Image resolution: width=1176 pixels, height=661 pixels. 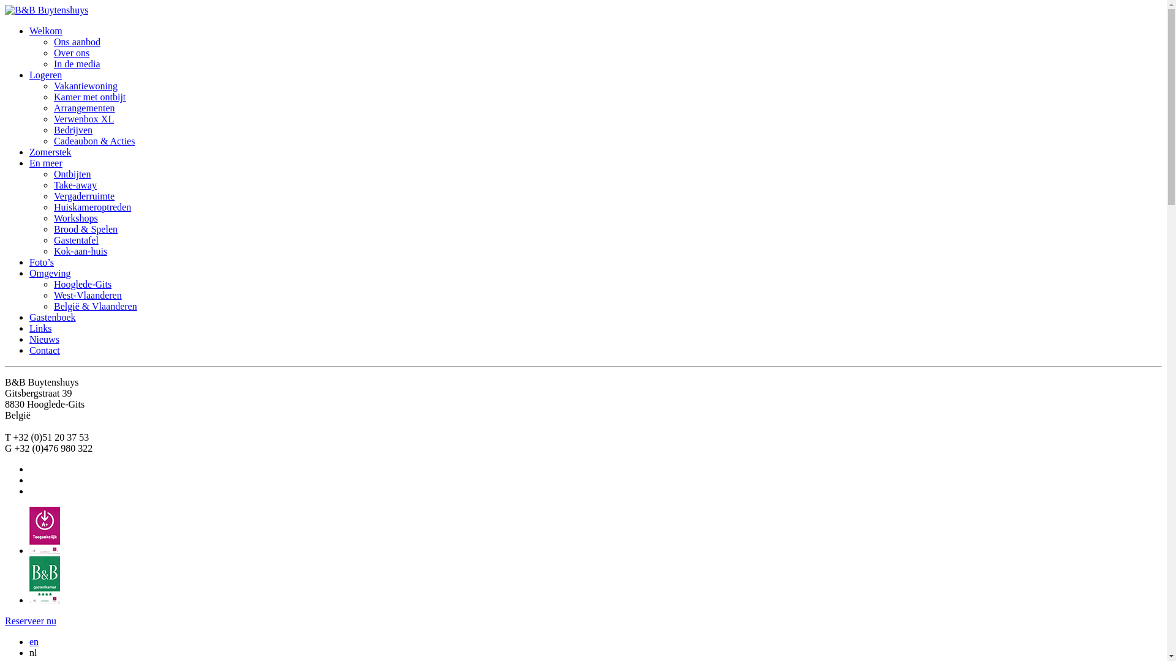 What do you see at coordinates (87, 295) in the screenshot?
I see `'West-Vlaanderen'` at bounding box center [87, 295].